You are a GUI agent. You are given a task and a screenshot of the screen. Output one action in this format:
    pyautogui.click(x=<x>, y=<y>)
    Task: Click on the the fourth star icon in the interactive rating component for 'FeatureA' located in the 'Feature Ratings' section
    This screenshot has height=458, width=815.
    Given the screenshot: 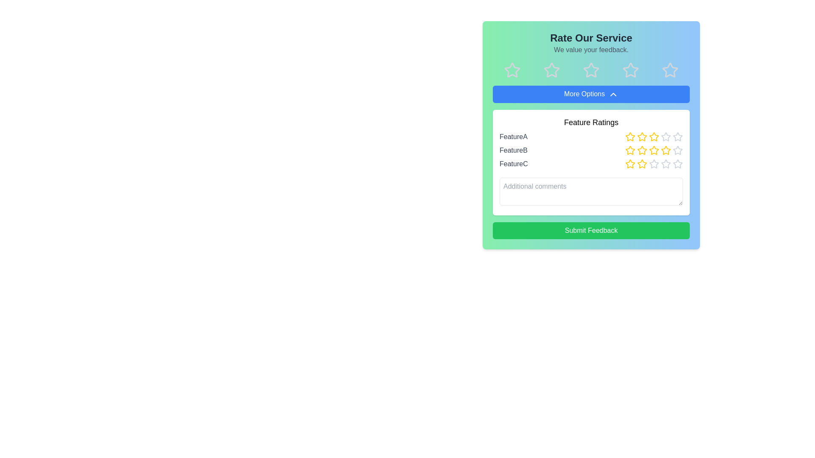 What is the action you would take?
    pyautogui.click(x=653, y=136)
    